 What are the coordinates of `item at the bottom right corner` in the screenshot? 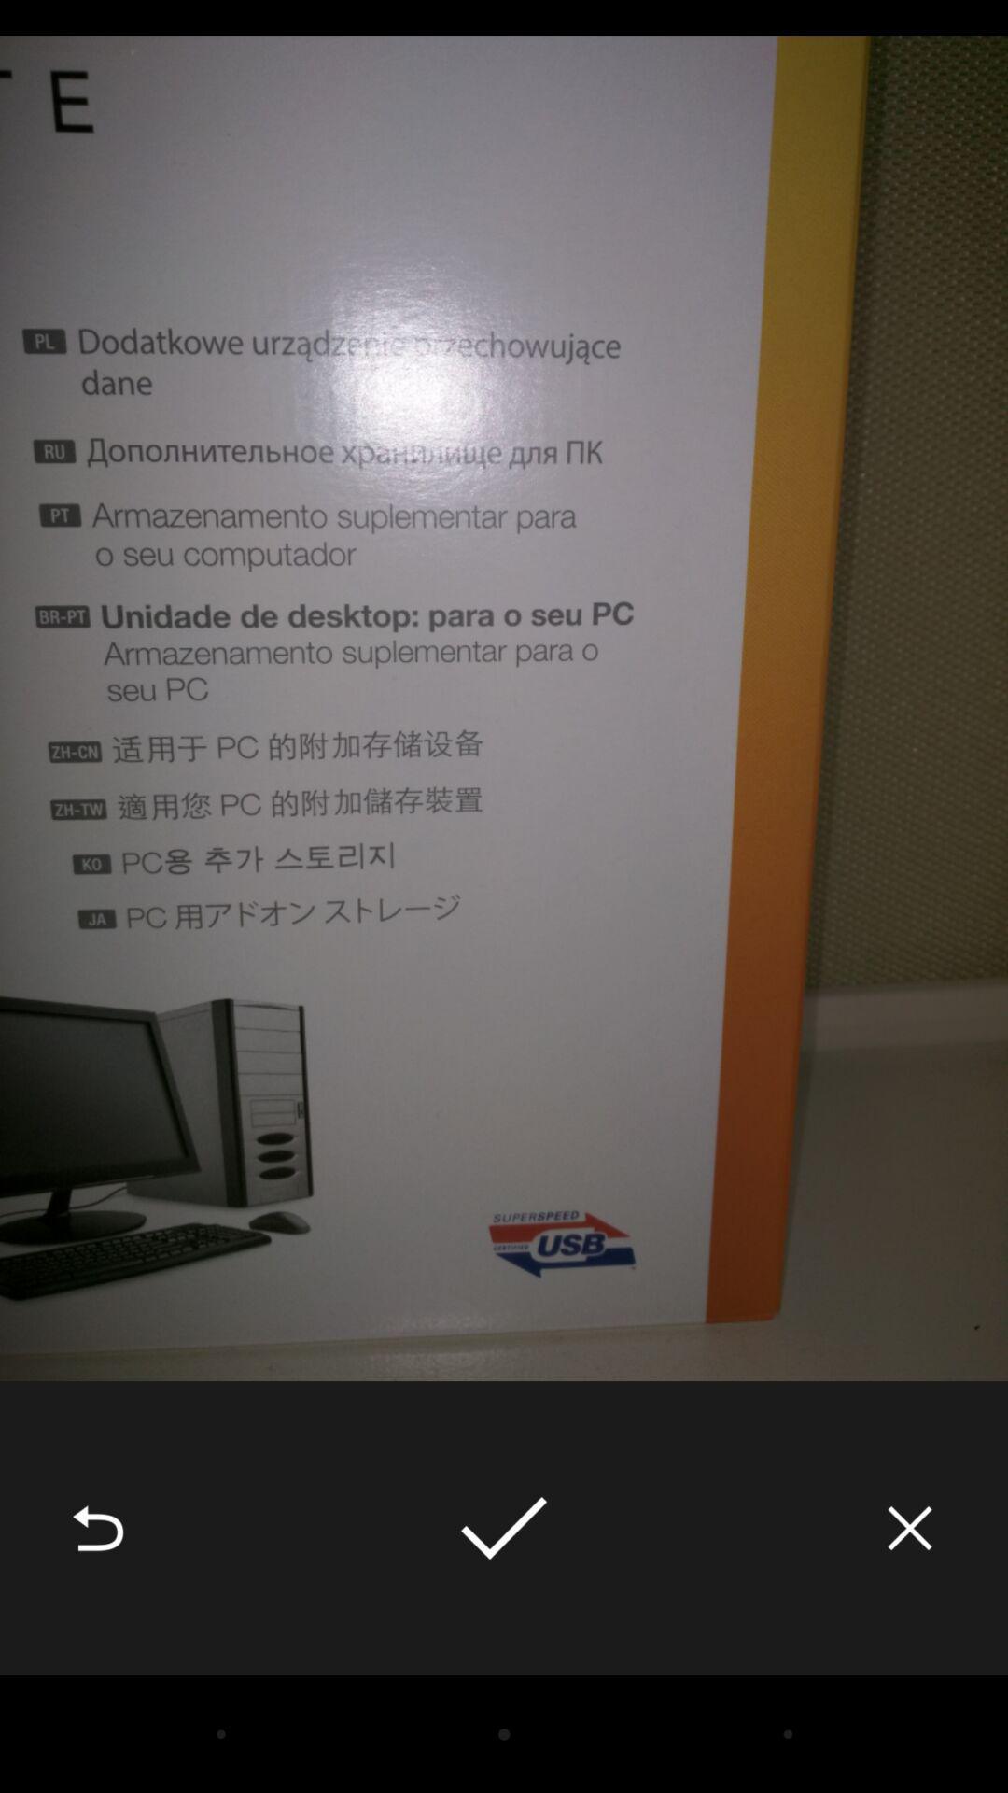 It's located at (909, 1528).